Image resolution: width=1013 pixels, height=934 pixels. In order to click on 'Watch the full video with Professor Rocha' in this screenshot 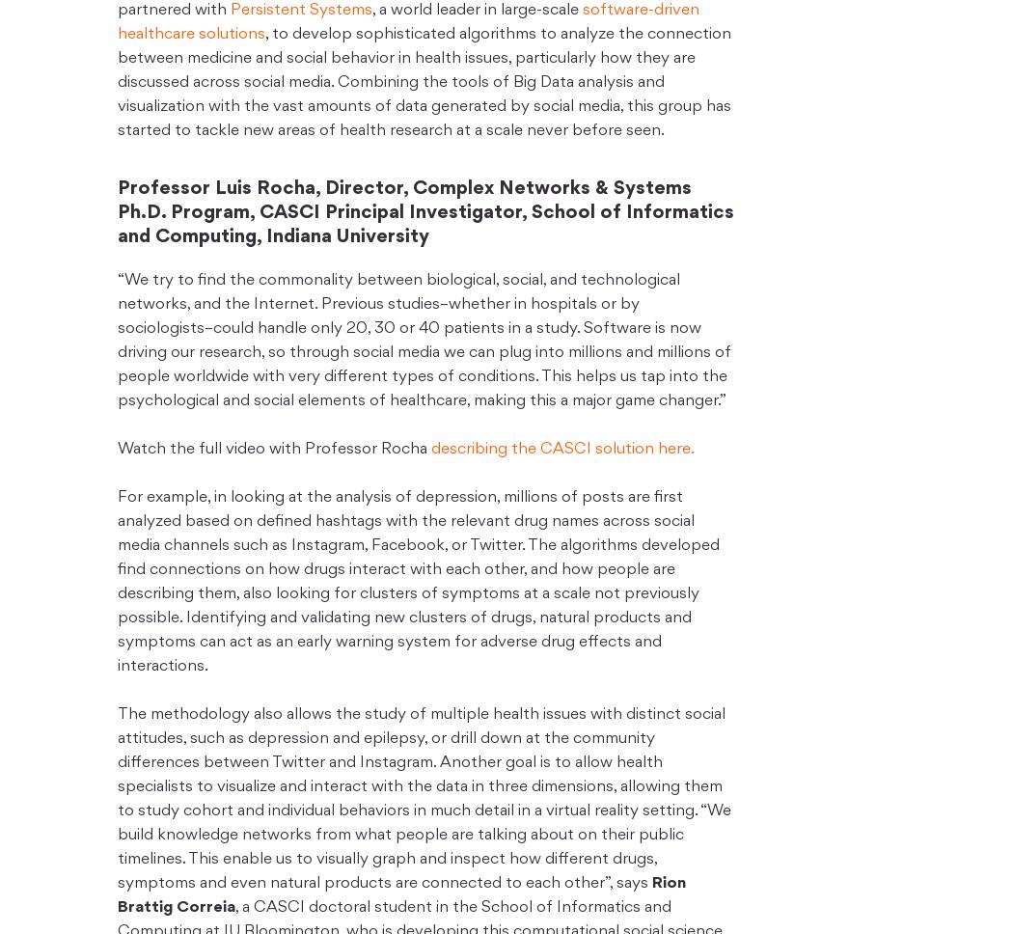, I will do `click(273, 448)`.